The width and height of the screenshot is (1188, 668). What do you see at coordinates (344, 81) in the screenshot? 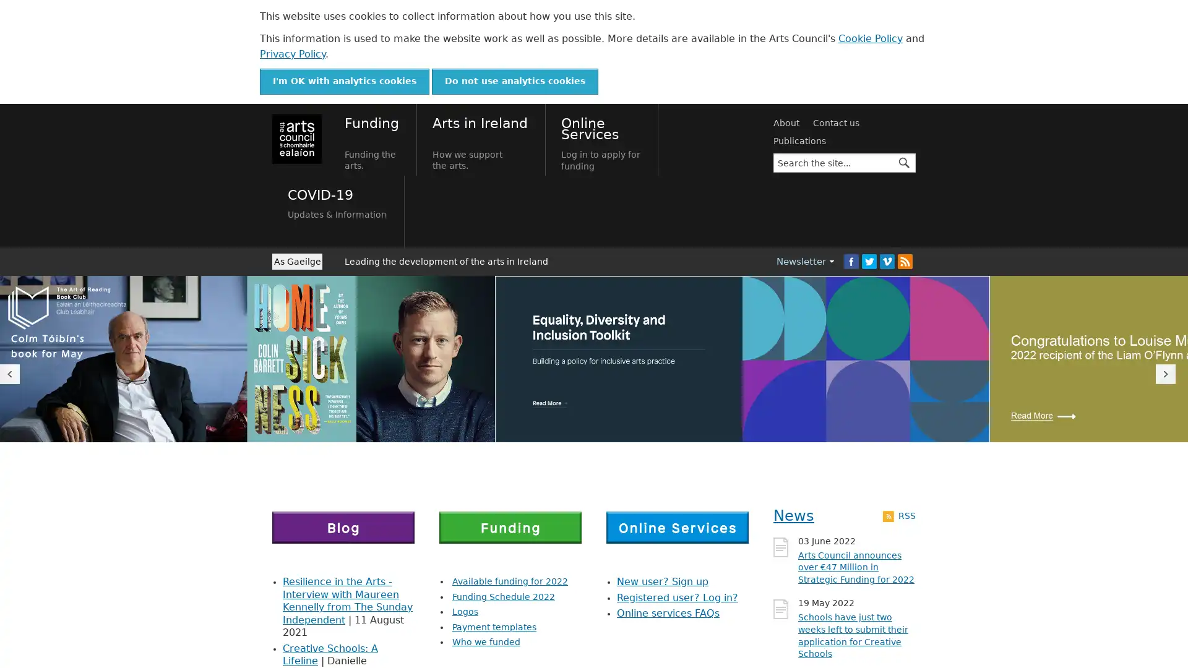
I see `I'm OK with analytics cookies` at bounding box center [344, 81].